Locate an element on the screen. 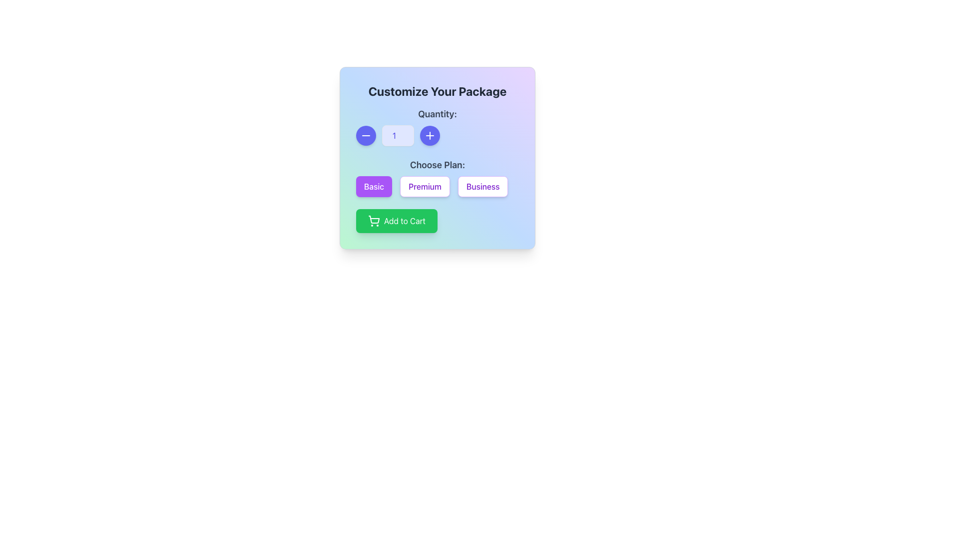 The height and width of the screenshot is (539, 959). the decrement button located to the left of the numeric input field under the label 'Quantity:' to decrease the number displayed is located at coordinates (366, 136).